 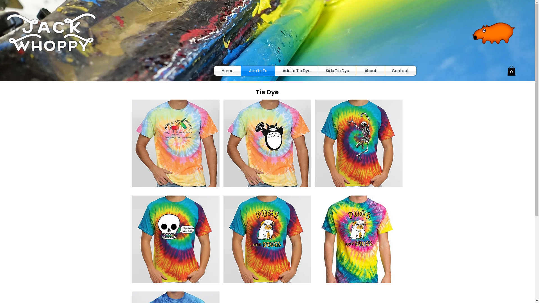 What do you see at coordinates (227, 70) in the screenshot?
I see `'Home'` at bounding box center [227, 70].